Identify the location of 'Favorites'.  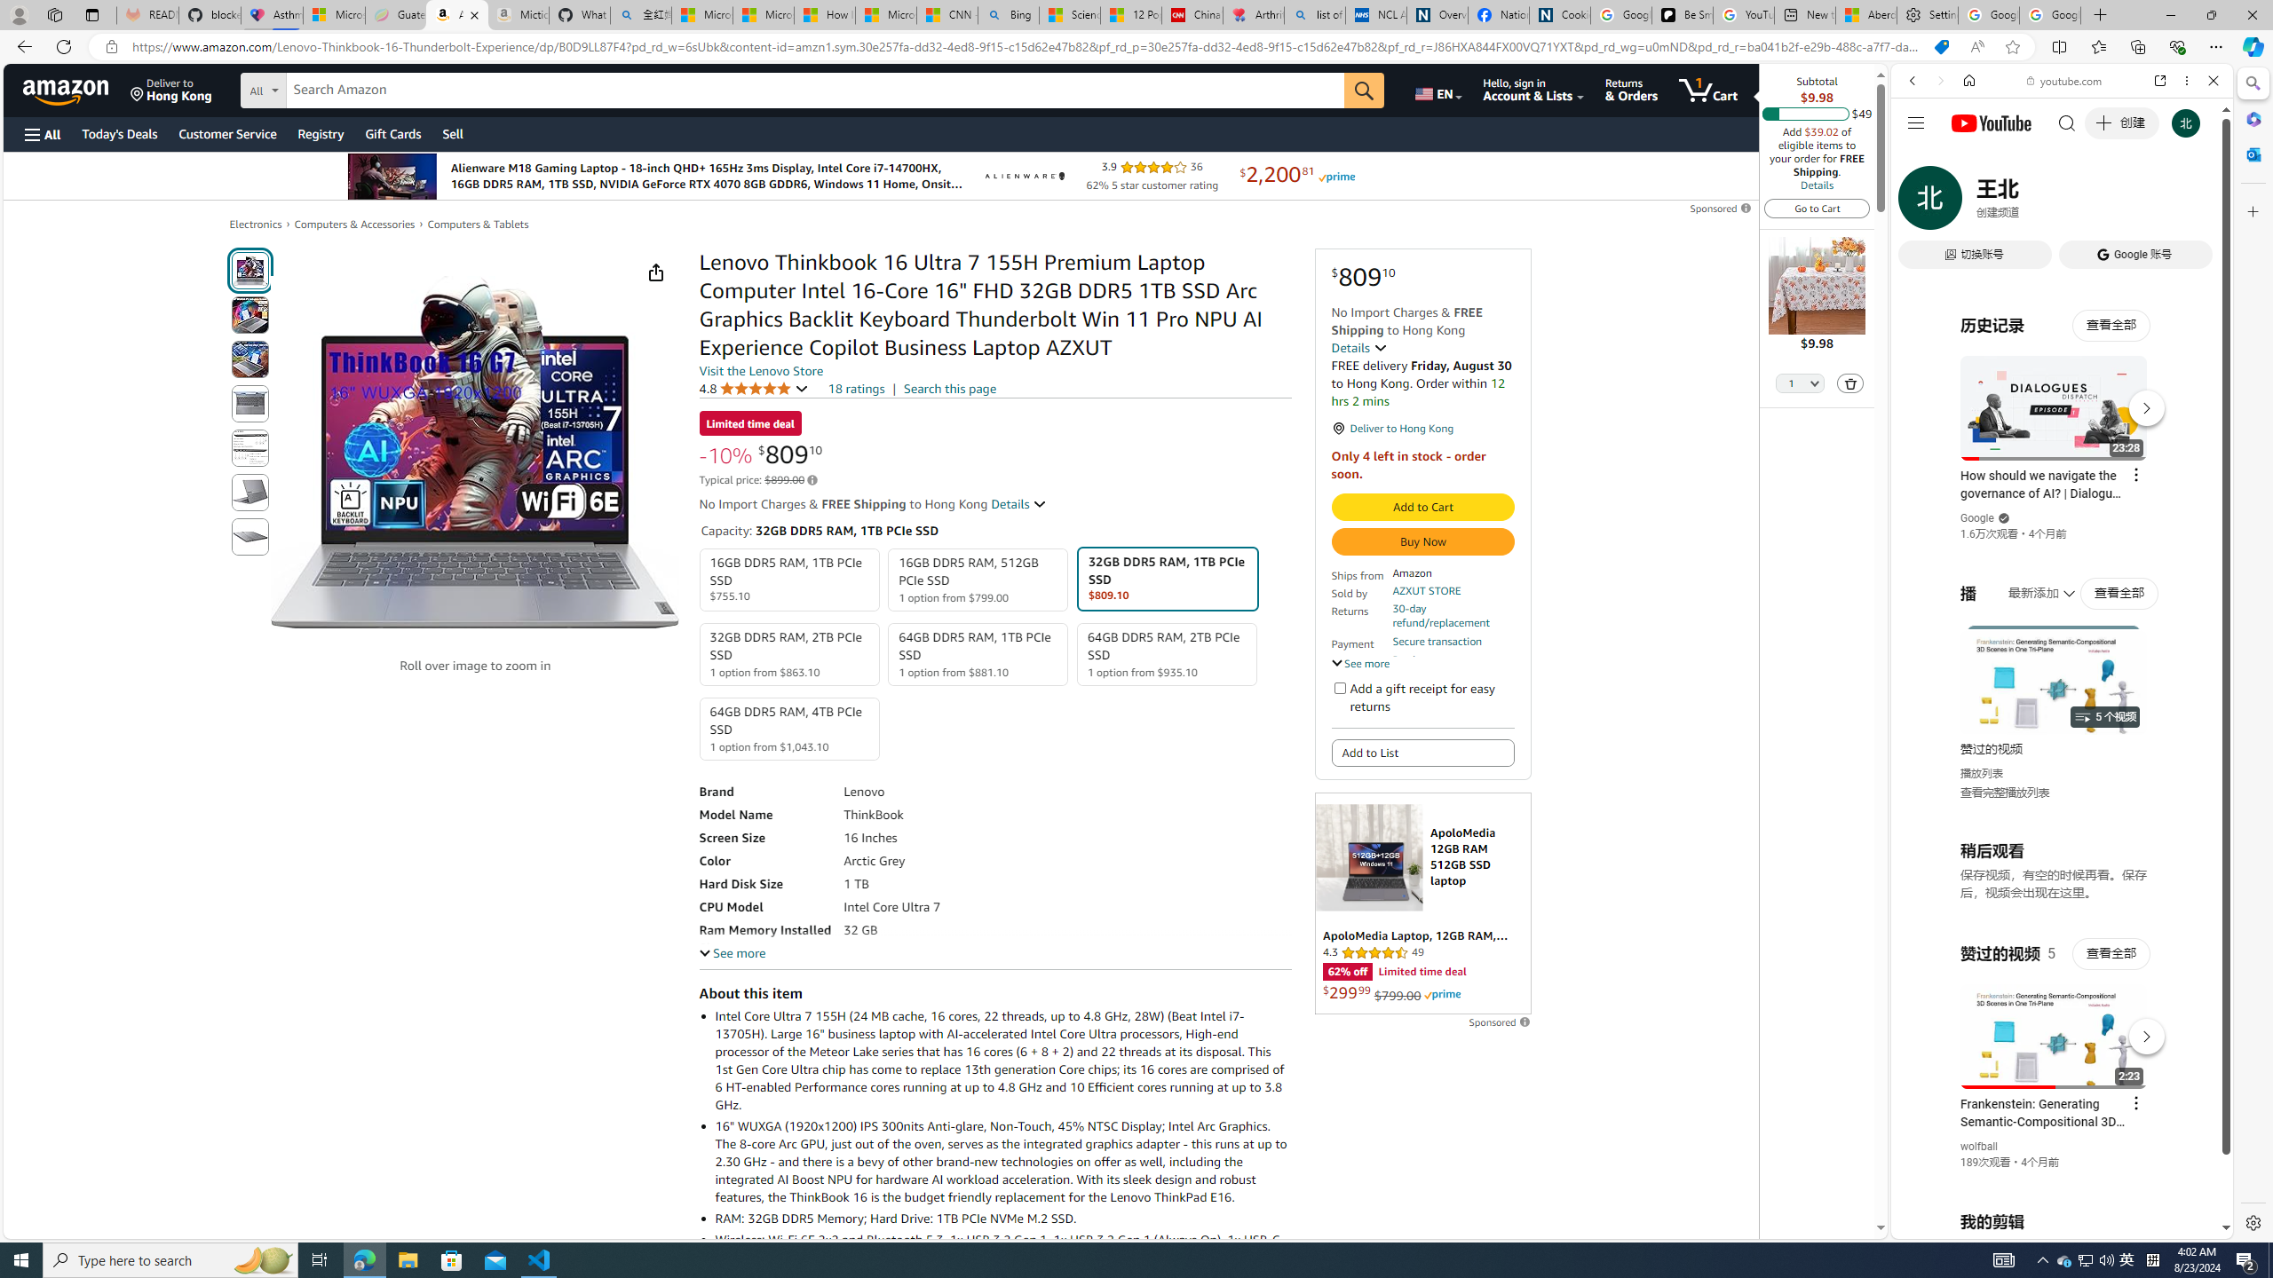
(2099, 45).